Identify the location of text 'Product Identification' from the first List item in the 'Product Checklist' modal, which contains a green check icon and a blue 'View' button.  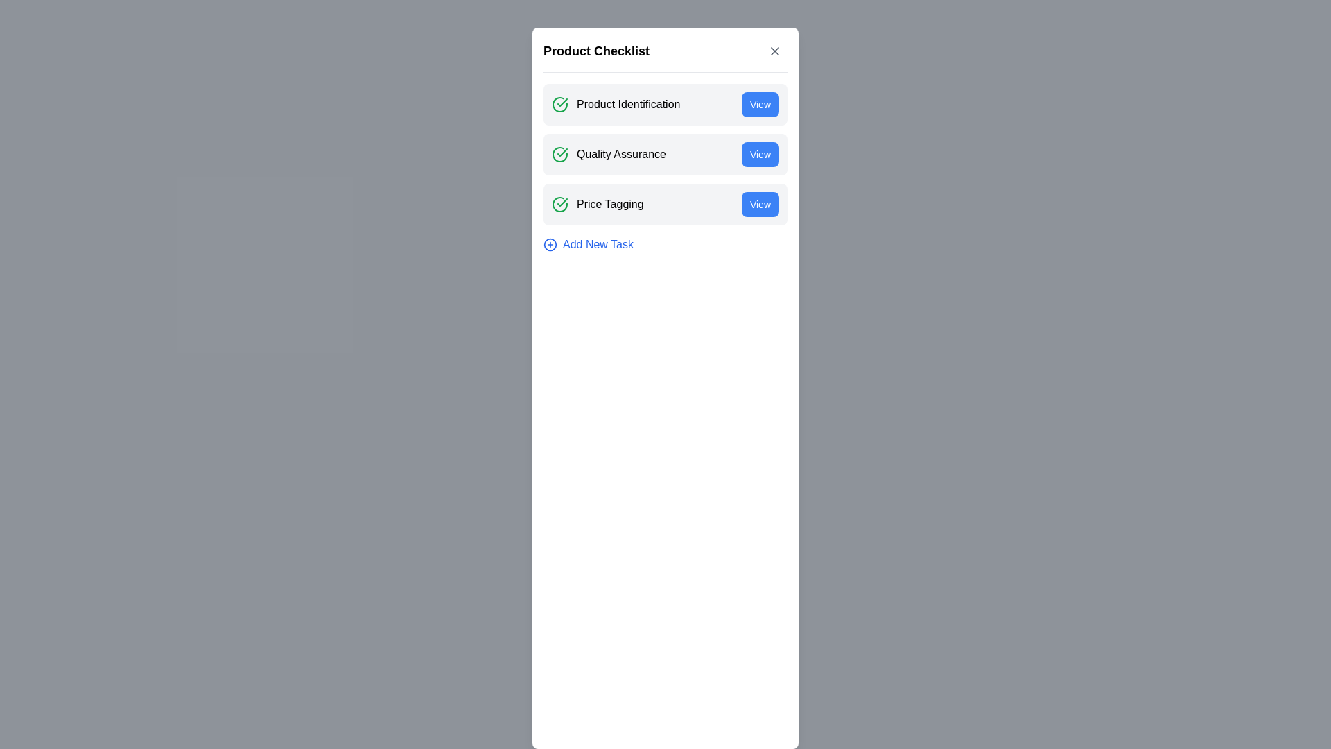
(665, 103).